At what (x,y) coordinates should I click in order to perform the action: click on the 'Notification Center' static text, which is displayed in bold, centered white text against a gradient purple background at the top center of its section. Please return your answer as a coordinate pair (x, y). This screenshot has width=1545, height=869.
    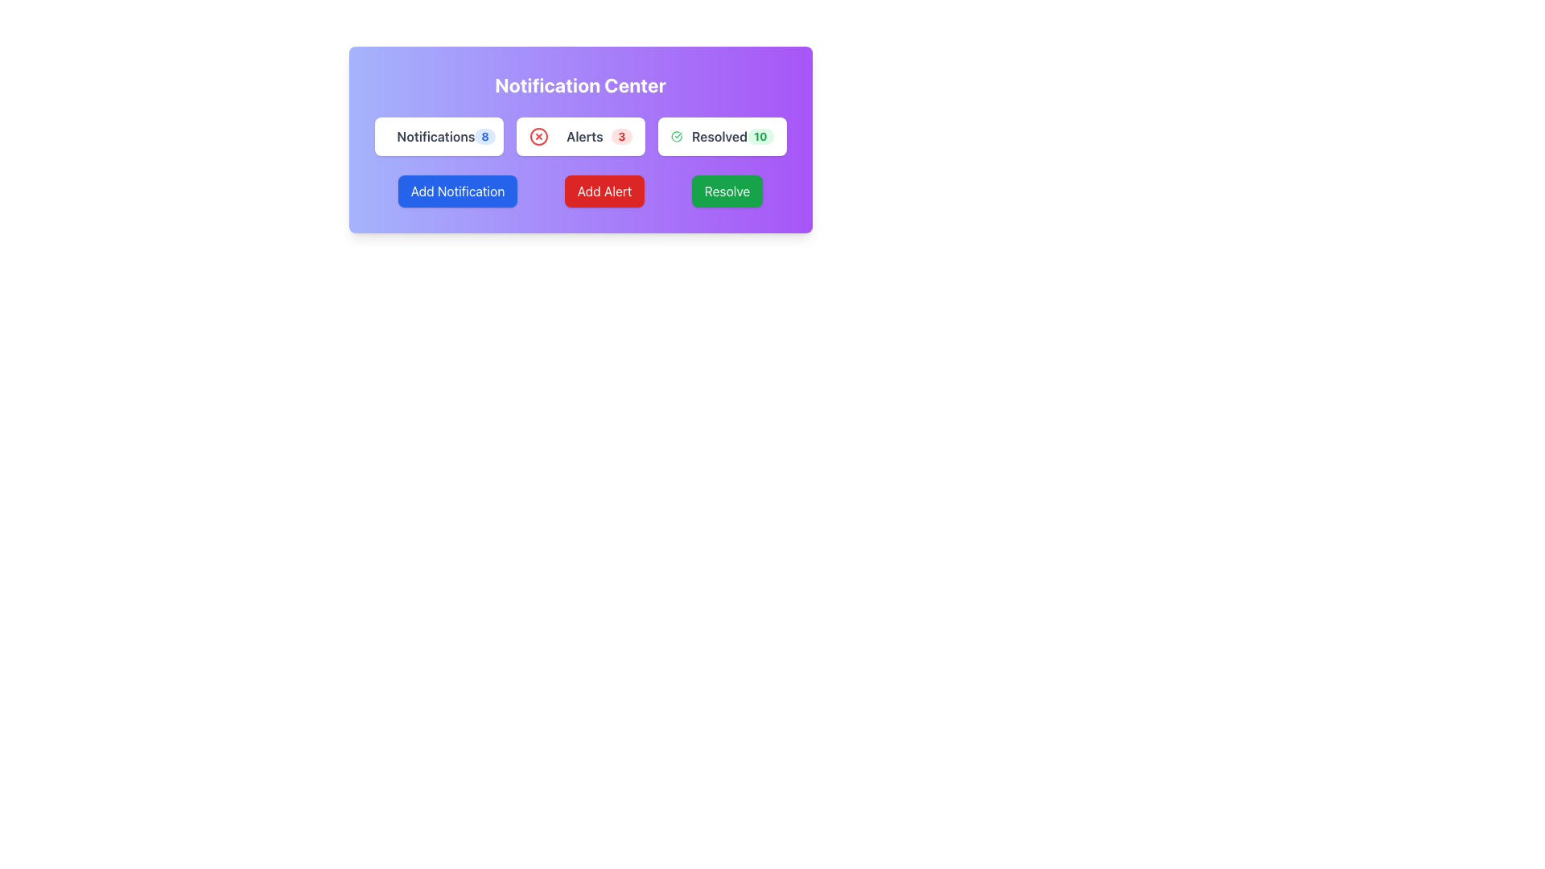
    Looking at the image, I should click on (579, 84).